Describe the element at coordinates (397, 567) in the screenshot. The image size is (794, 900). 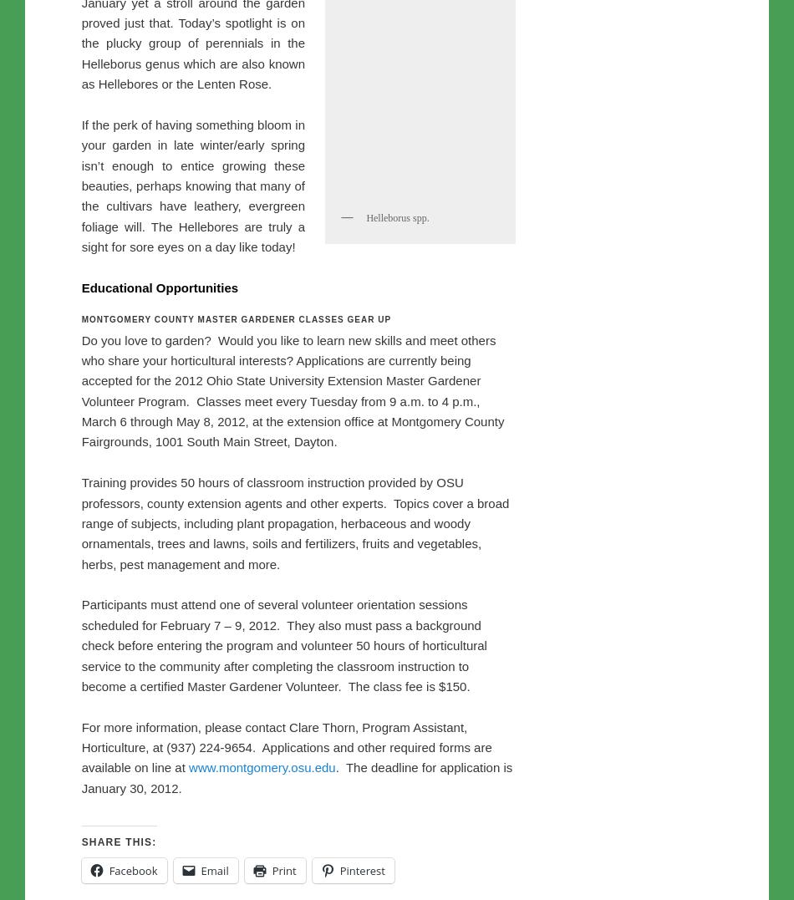
I see `'Helleborus spp.'` at that location.